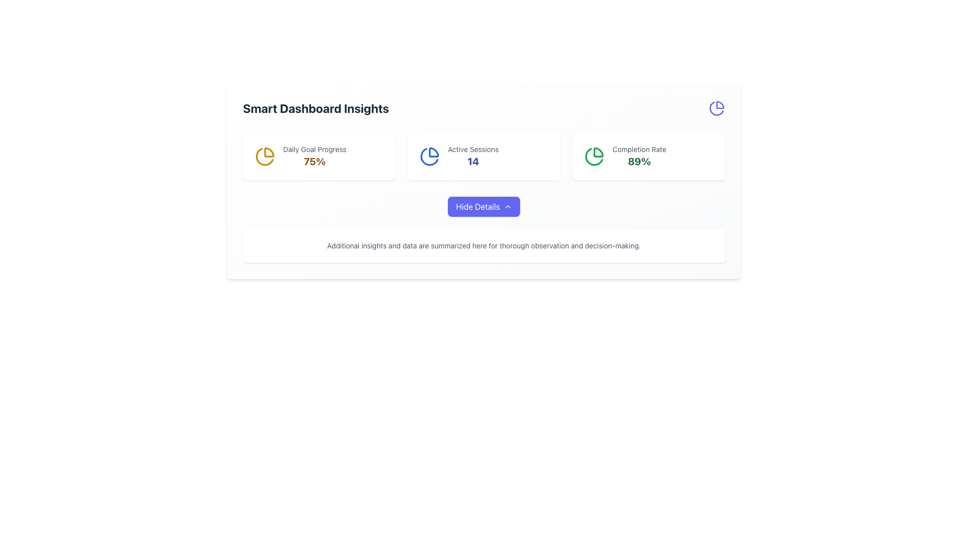  What do you see at coordinates (639, 149) in the screenshot?
I see `the Text label indicating 'Completion Rate' located at the top-right section of the card above the value '89%'` at bounding box center [639, 149].